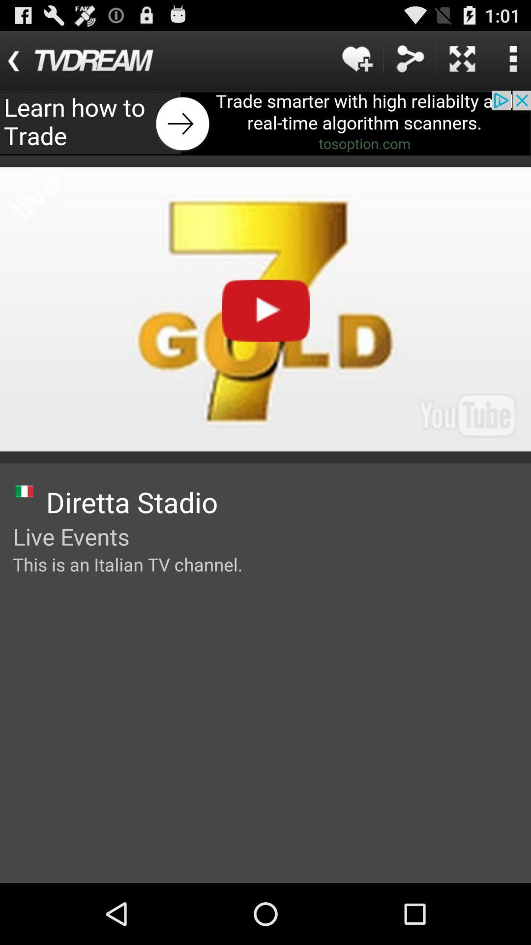 The width and height of the screenshot is (531, 945). I want to click on advertisement, so click(265, 123).